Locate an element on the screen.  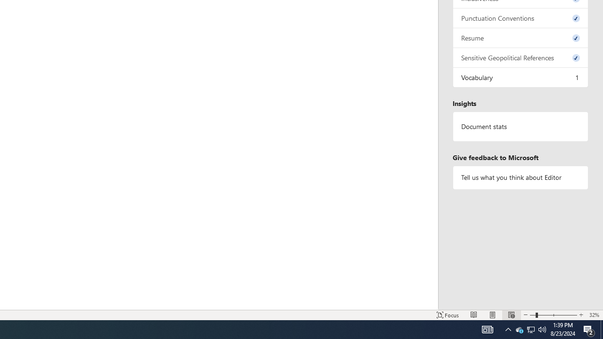
'Zoom 32%' is located at coordinates (594, 315).